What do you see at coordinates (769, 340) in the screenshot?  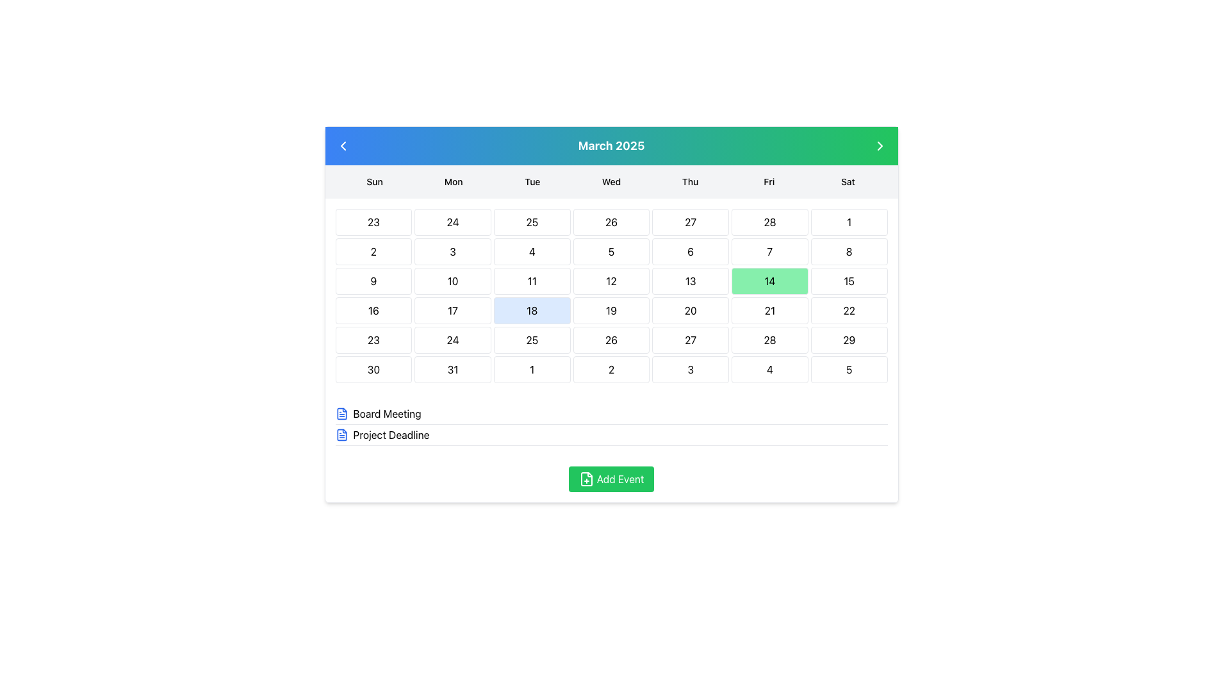 I see `the button representing the calendar date (28th) located in the Friday column of the calendar grid` at bounding box center [769, 340].